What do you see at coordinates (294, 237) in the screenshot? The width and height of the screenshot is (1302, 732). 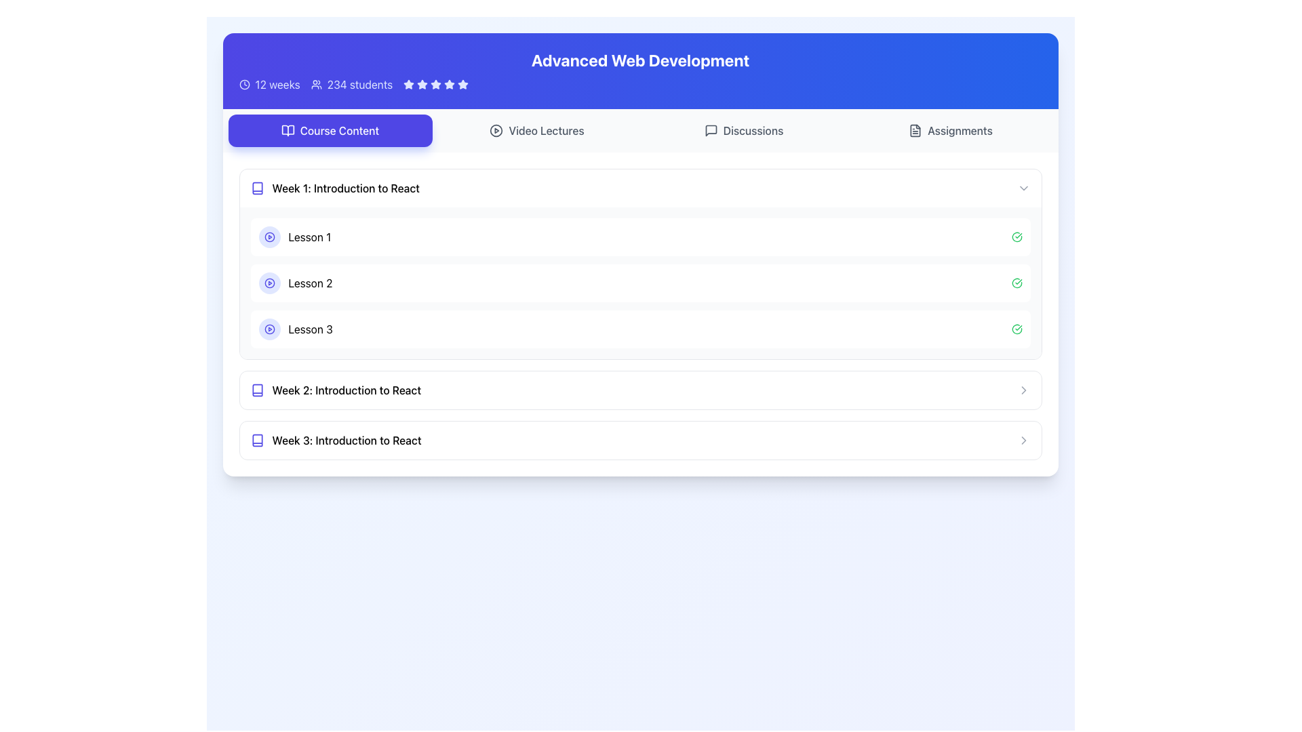 I see `the clickable item for 'Lesson 1' located under the 'Week 1: Introduction to React' section` at bounding box center [294, 237].